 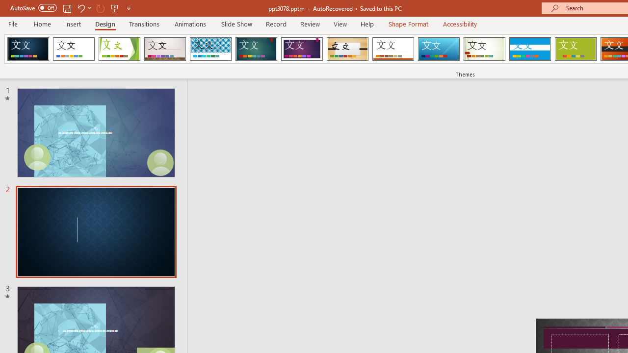 I want to click on 'Review', so click(x=309, y=24).